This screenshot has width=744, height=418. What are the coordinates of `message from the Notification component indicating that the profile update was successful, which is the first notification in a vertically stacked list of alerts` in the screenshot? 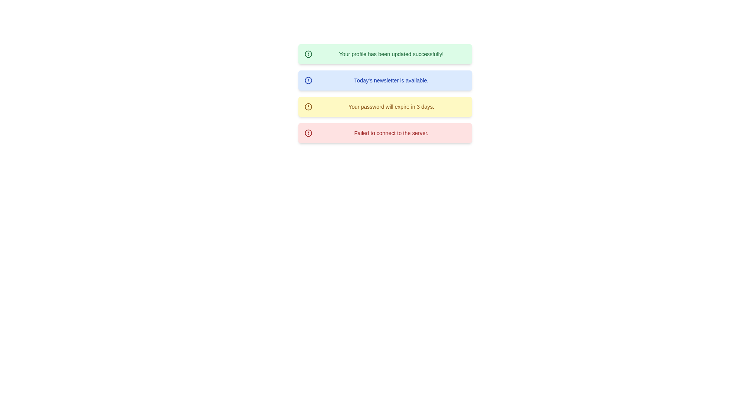 It's located at (385, 53).